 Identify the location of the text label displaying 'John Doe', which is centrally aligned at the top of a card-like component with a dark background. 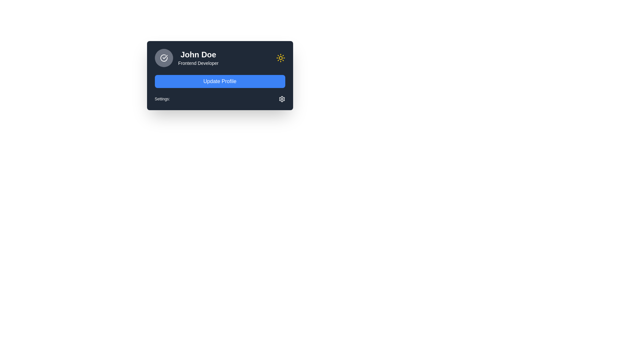
(198, 54).